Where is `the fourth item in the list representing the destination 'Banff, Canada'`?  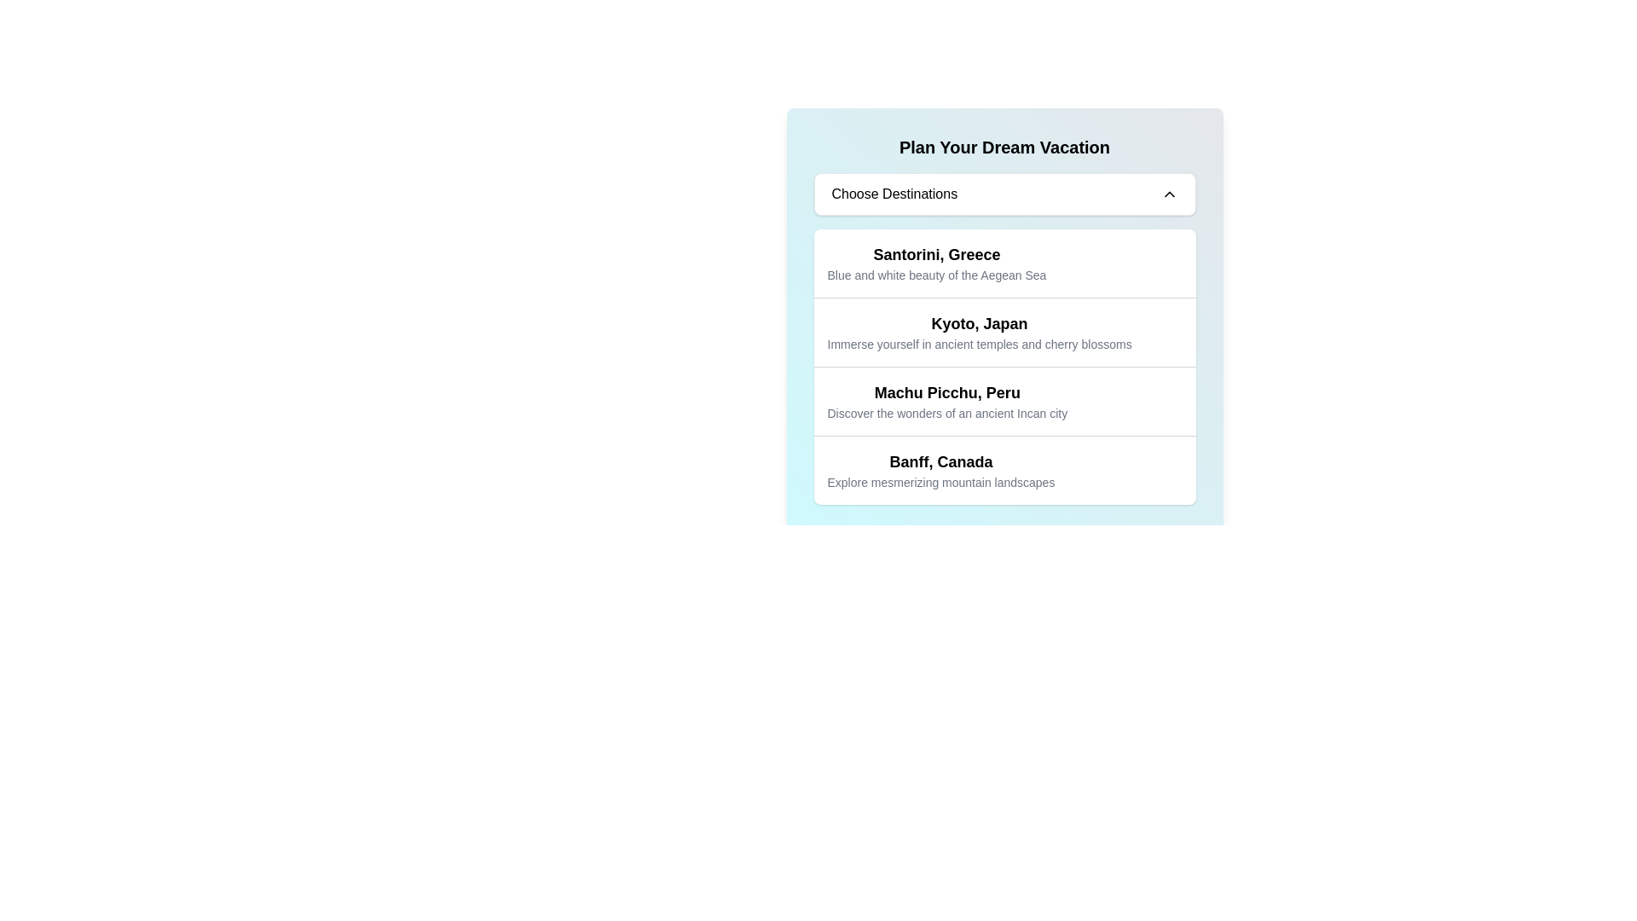 the fourth item in the list representing the destination 'Banff, Canada' is located at coordinates (1004, 470).